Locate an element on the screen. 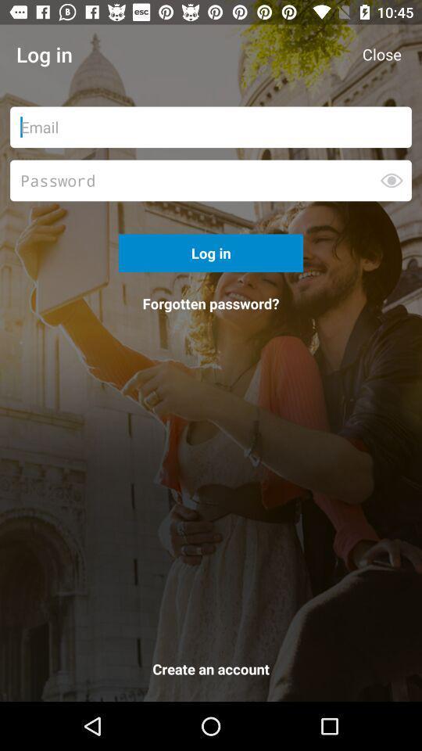 The width and height of the screenshot is (422, 751). app next to log in item is located at coordinates (381, 54).